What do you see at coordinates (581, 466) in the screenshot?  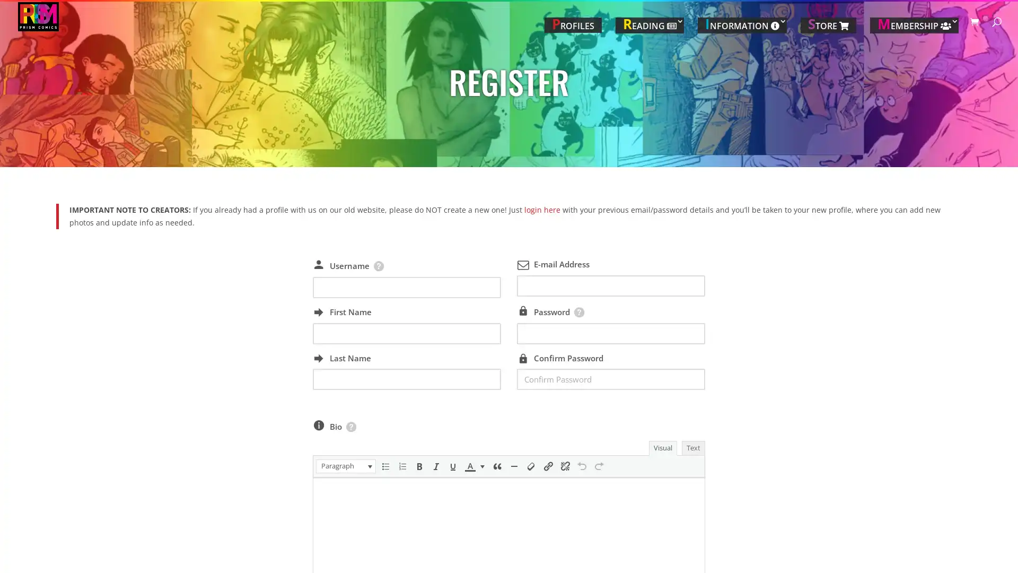 I see `Undo (Z)` at bounding box center [581, 466].